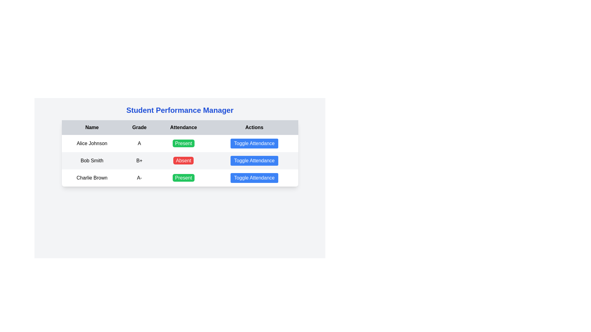 This screenshot has width=591, height=332. What do you see at coordinates (183, 143) in the screenshot?
I see `the 'Present' button-like component with rounded corners, located in the Attendance column for Alice Johnson` at bounding box center [183, 143].